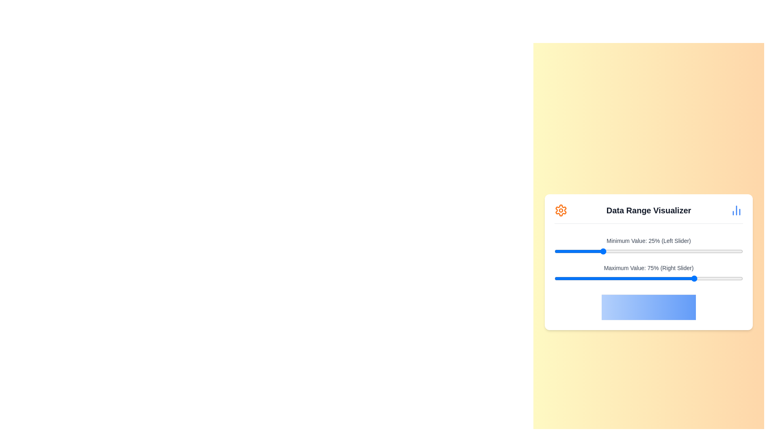 The height and width of the screenshot is (438, 780). I want to click on the orange gear-shaped icon with a cogwheel design located in the upper left corner of the card's header area, so click(561, 209).